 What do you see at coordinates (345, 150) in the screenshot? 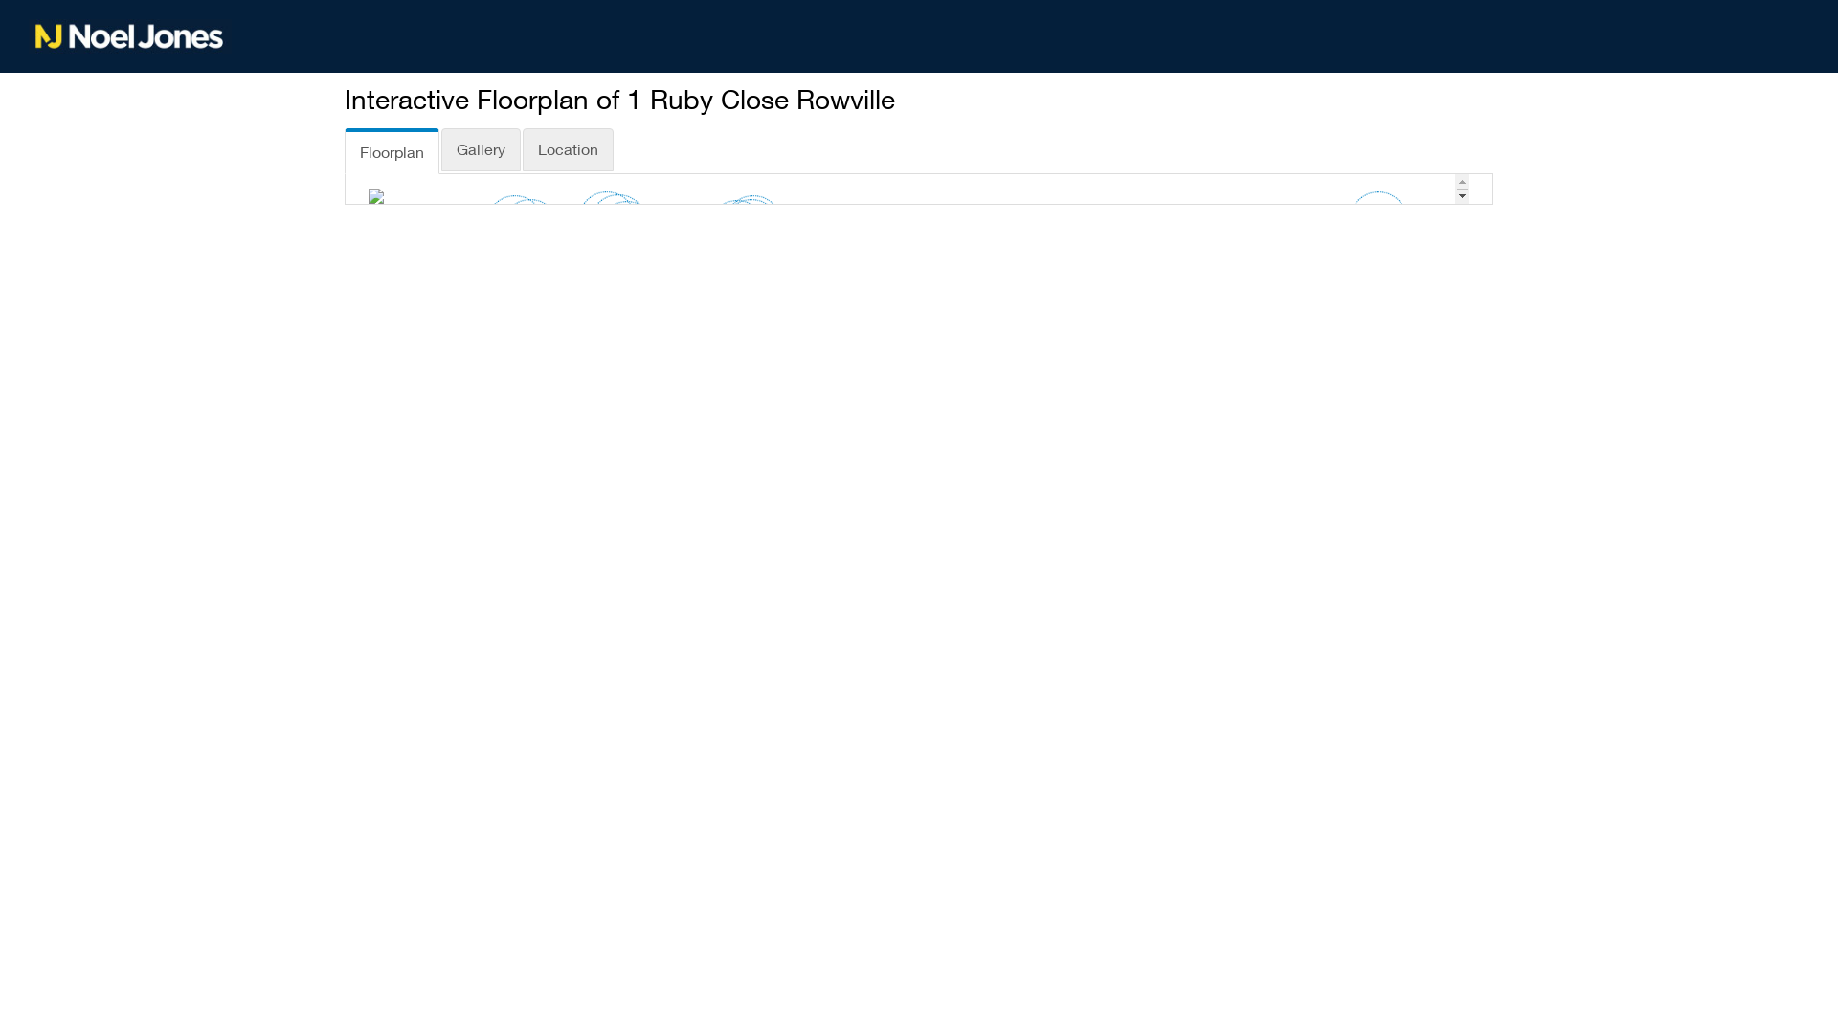
I see `'Floorplan'` at bounding box center [345, 150].